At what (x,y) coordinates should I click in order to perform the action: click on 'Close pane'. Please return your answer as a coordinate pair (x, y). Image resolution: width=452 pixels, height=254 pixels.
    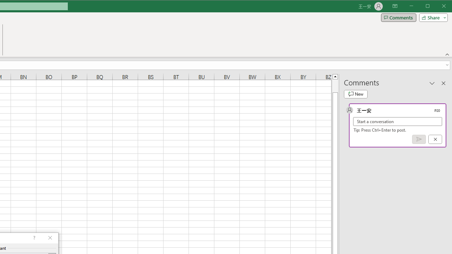
    Looking at the image, I should click on (443, 83).